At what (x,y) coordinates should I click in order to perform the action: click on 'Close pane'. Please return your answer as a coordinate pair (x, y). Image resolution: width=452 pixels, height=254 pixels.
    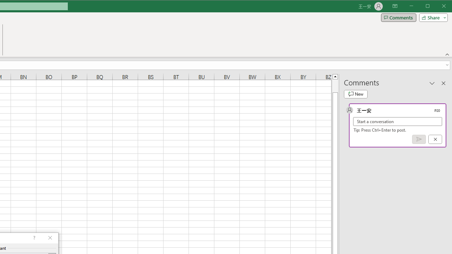
    Looking at the image, I should click on (443, 83).